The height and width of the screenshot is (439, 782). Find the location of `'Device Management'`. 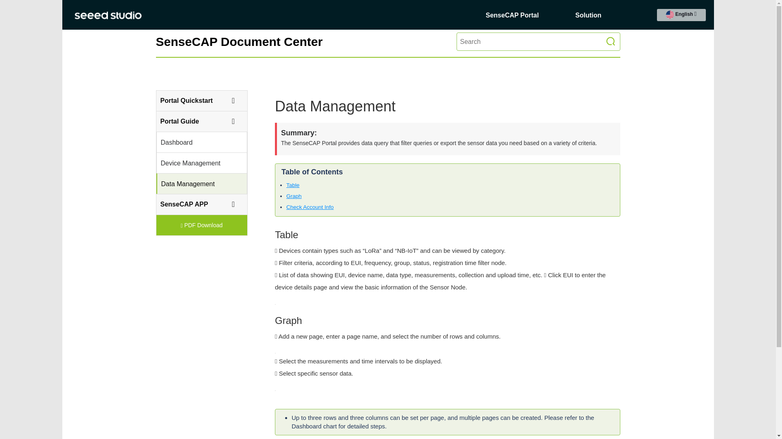

'Device Management' is located at coordinates (197, 163).